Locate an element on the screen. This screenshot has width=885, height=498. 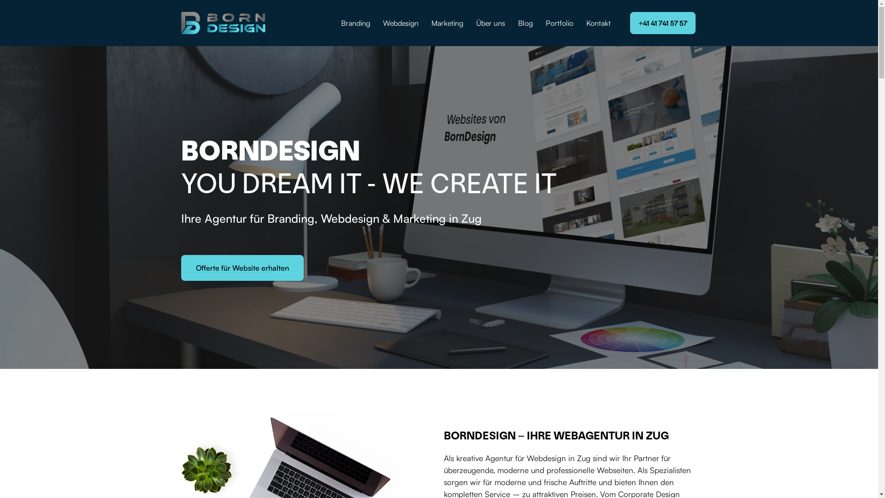
'Webdesign' is located at coordinates (401, 23).